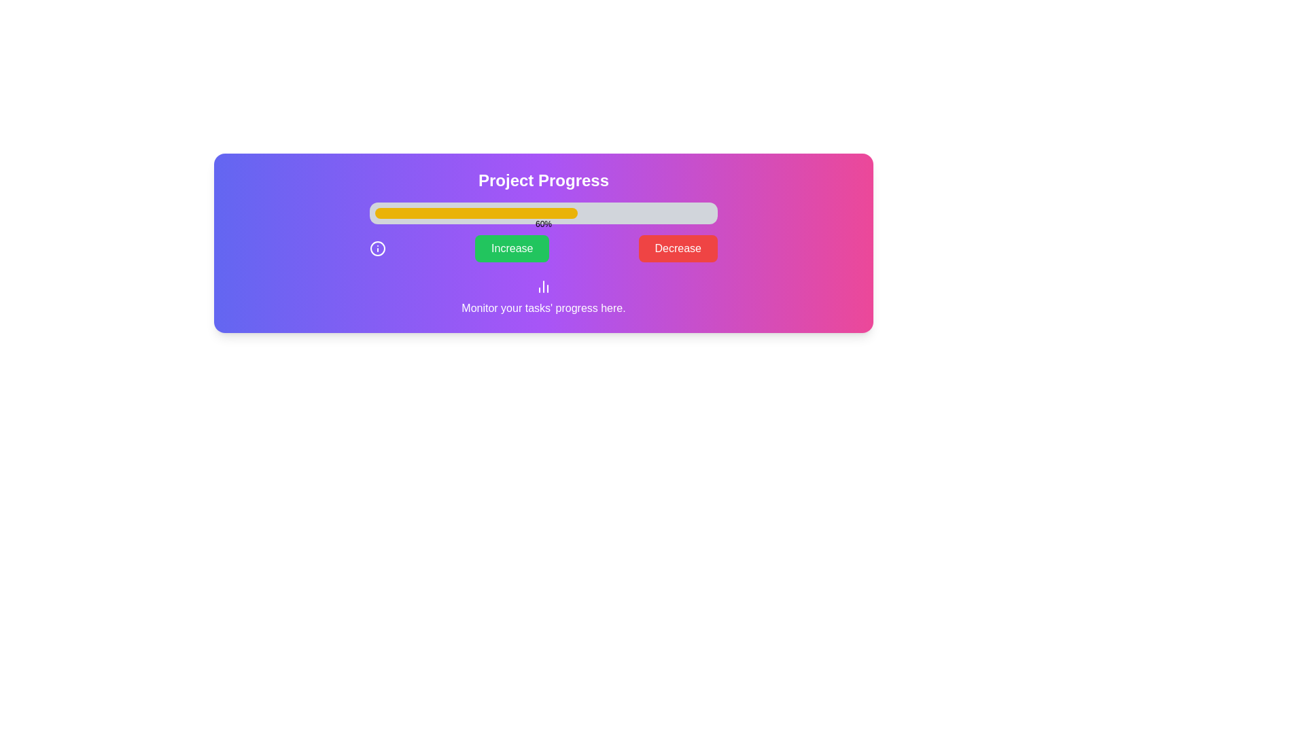 The image size is (1305, 734). What do you see at coordinates (544, 285) in the screenshot?
I see `the bar chart icon with three vertical bars on a purple gradient background` at bounding box center [544, 285].